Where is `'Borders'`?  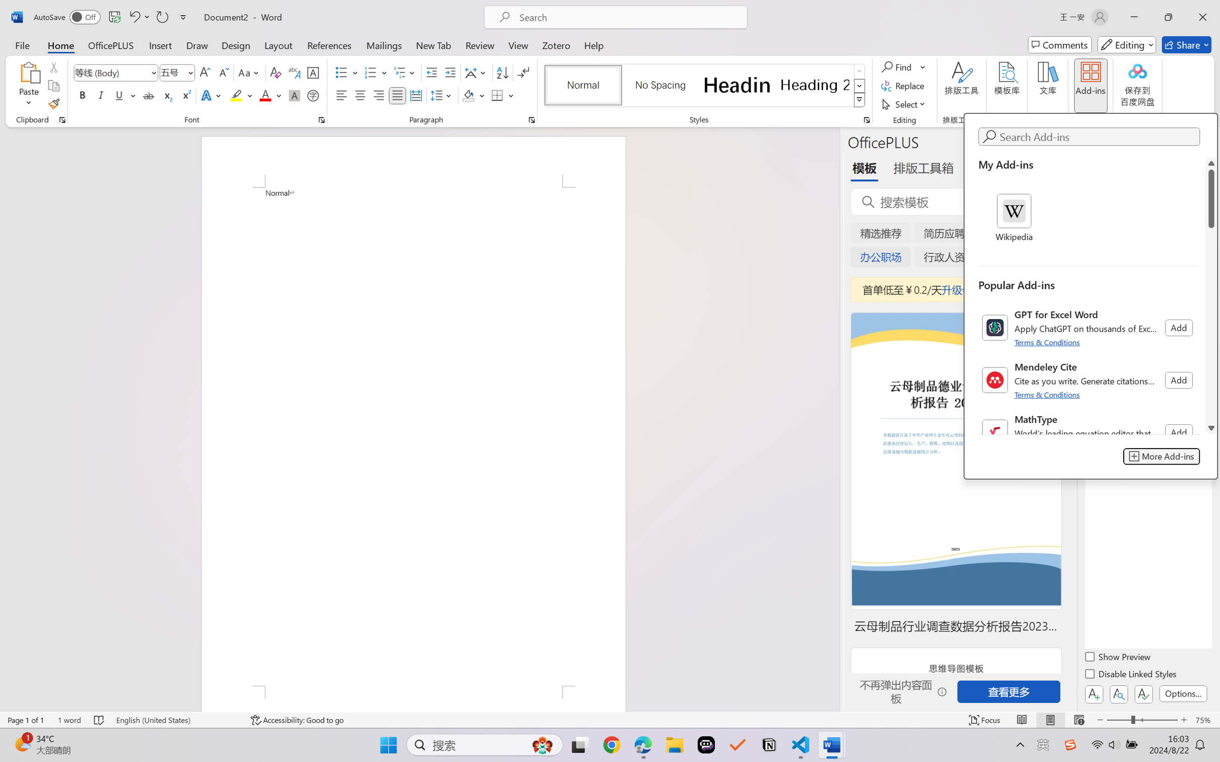 'Borders' is located at coordinates (498, 95).